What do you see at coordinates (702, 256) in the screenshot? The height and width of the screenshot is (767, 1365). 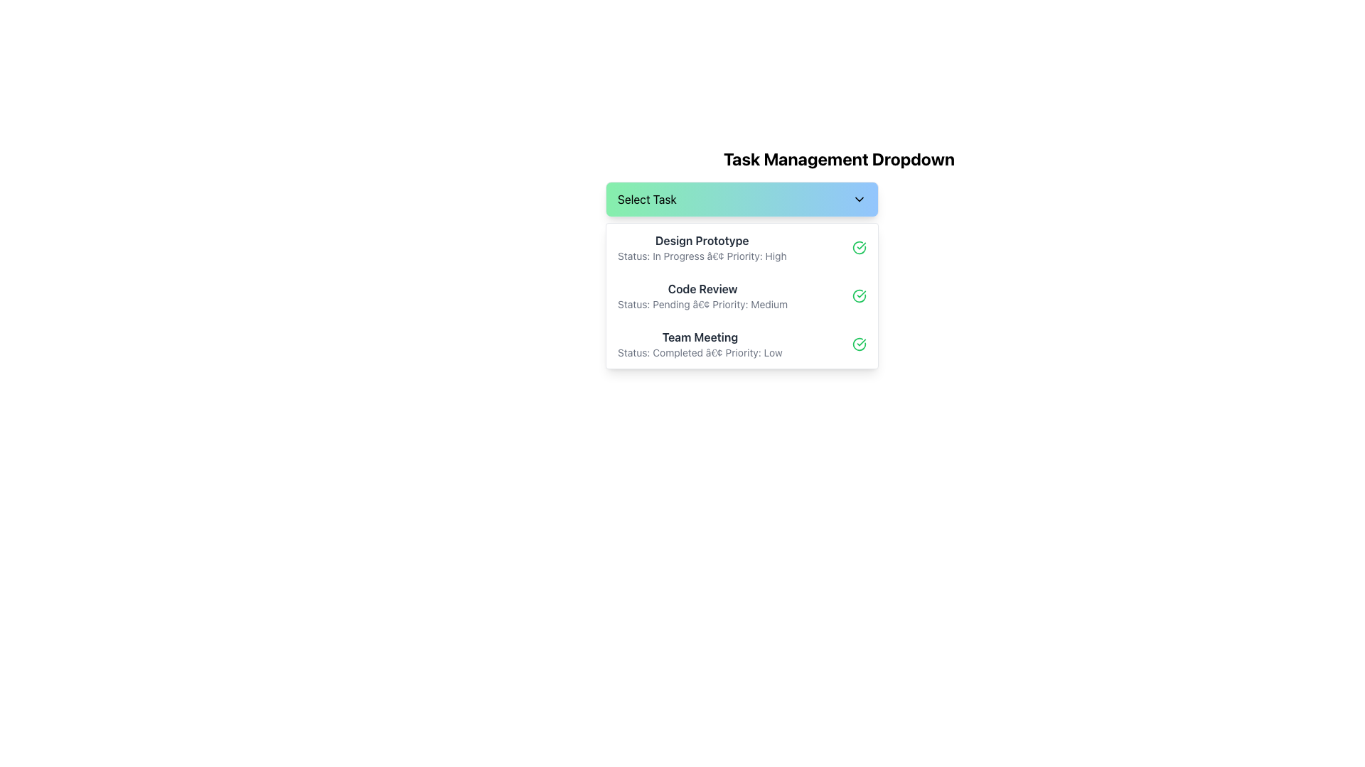 I see `the text label displaying 'Status: In Progress • Priority: High', which is positioned beneath the 'Design Prototype' text in the dropdown list` at bounding box center [702, 256].